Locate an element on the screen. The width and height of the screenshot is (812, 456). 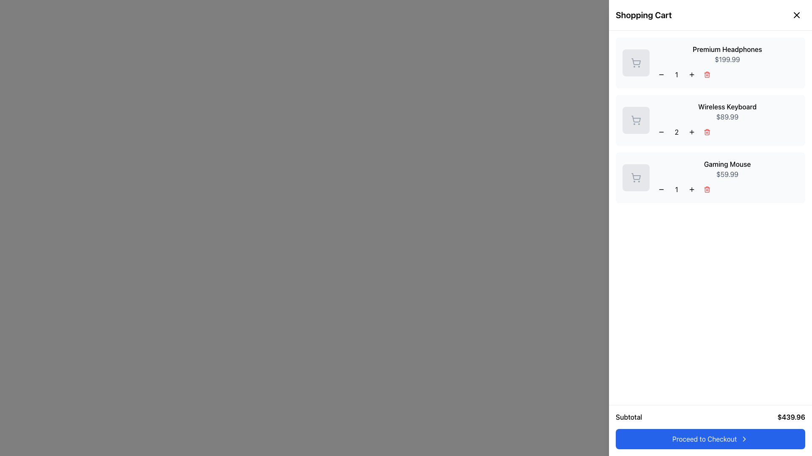
the text display that reads '$59.99', styled with a gray font, located beneath the product title 'Gaming Mouse' in the shopping cart interface is located at coordinates (727, 174).